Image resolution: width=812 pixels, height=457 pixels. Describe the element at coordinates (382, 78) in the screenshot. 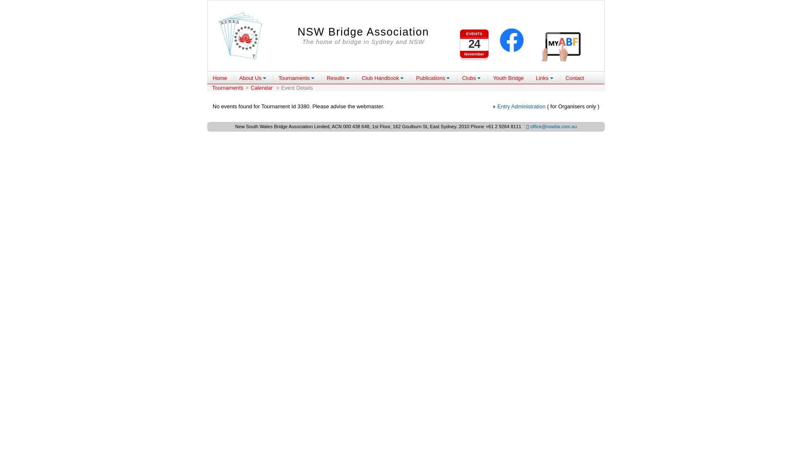

I see `'Club Handbook'` at that location.